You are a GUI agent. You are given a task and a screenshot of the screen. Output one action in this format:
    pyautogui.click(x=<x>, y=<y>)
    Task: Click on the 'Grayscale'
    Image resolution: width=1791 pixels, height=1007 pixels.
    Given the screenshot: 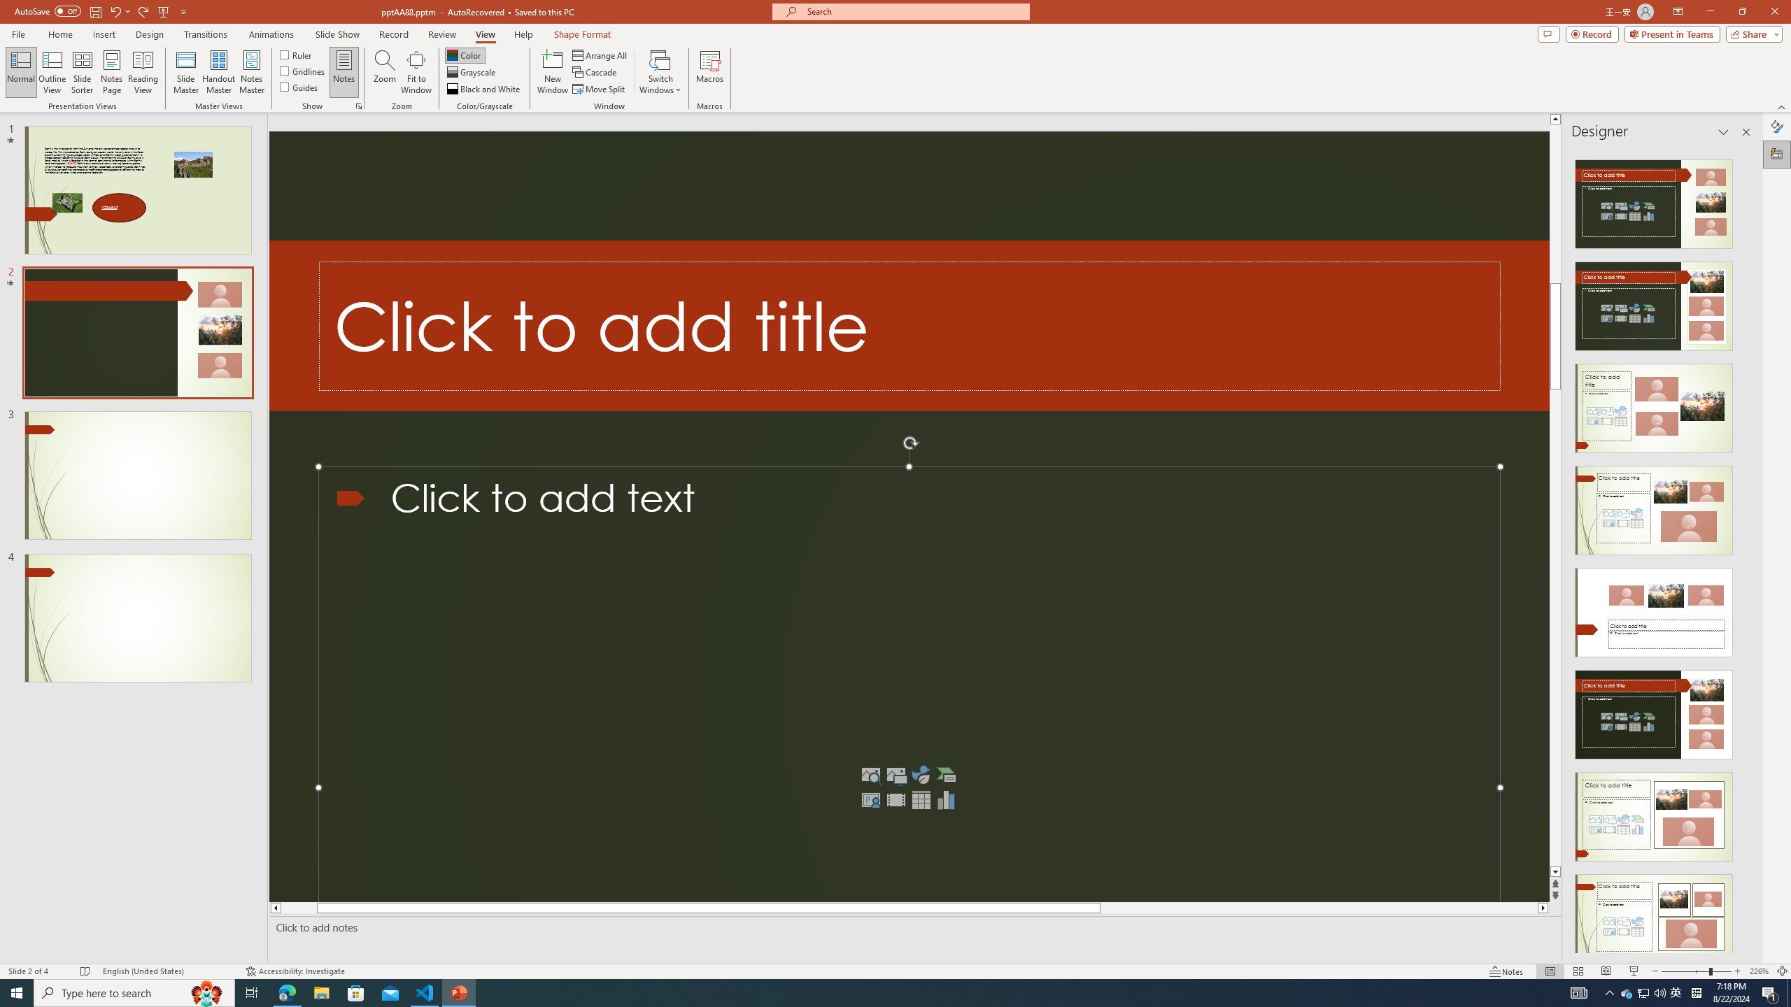 What is the action you would take?
    pyautogui.click(x=471, y=72)
    